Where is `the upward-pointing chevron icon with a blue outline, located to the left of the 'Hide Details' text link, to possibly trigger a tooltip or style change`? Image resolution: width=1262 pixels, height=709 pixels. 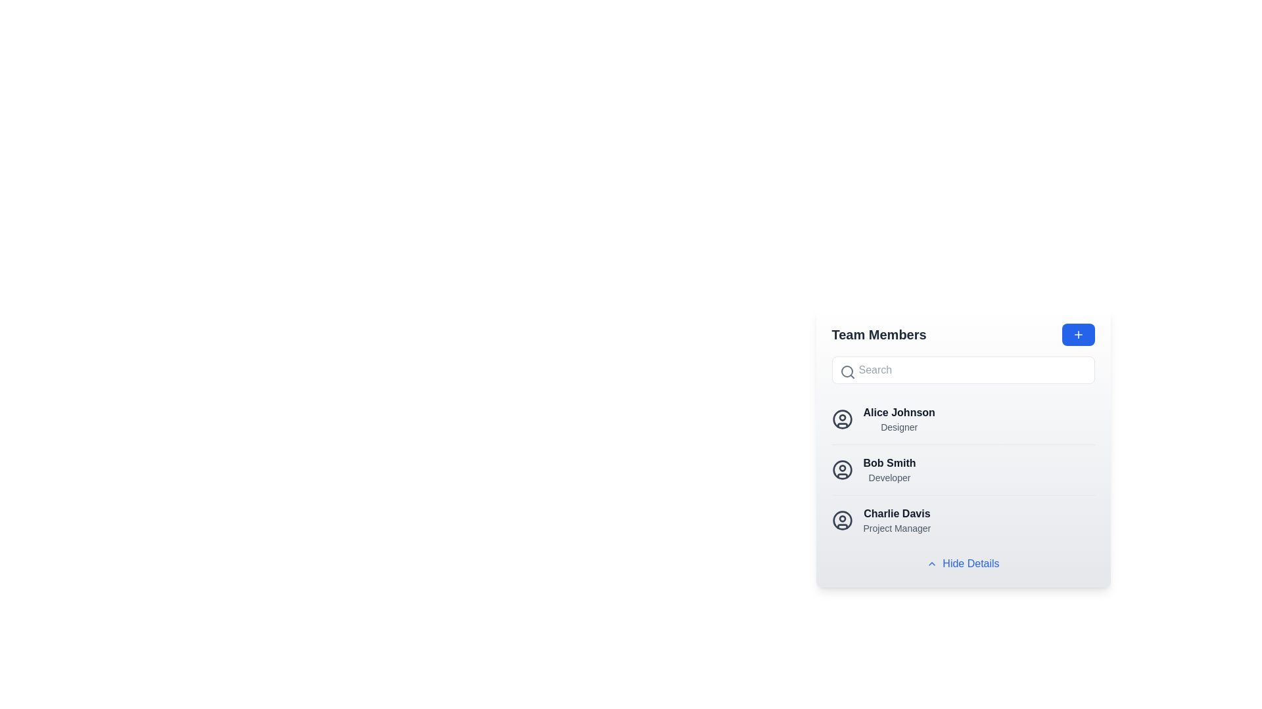 the upward-pointing chevron icon with a blue outline, located to the left of the 'Hide Details' text link, to possibly trigger a tooltip or style change is located at coordinates (931, 563).